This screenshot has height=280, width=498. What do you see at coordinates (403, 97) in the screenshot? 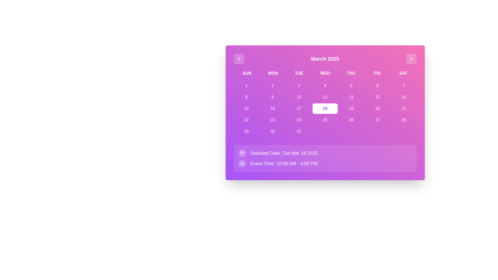
I see `the button representing the 14th day (Saturday) in the calendar view` at bounding box center [403, 97].